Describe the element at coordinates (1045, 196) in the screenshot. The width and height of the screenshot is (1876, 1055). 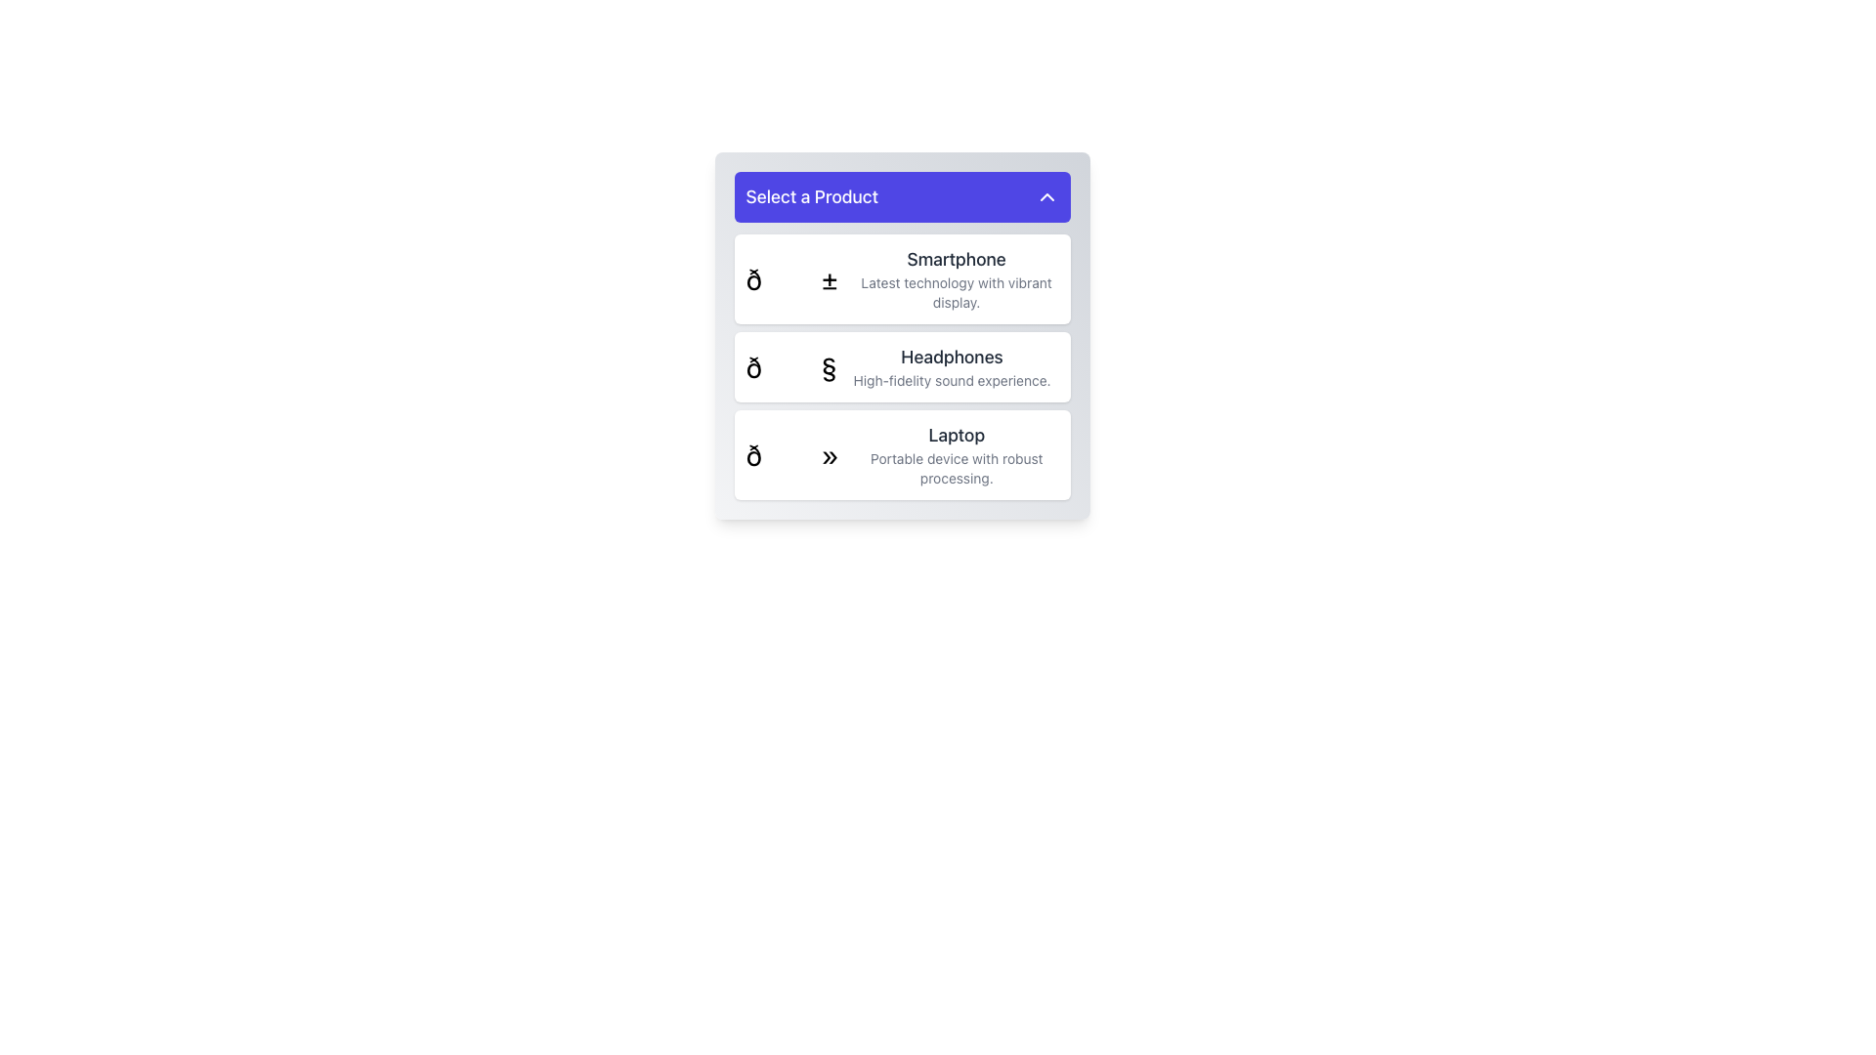
I see `the upward-pointing chevron icon located on the far right of the 'Select a Product' header` at that location.